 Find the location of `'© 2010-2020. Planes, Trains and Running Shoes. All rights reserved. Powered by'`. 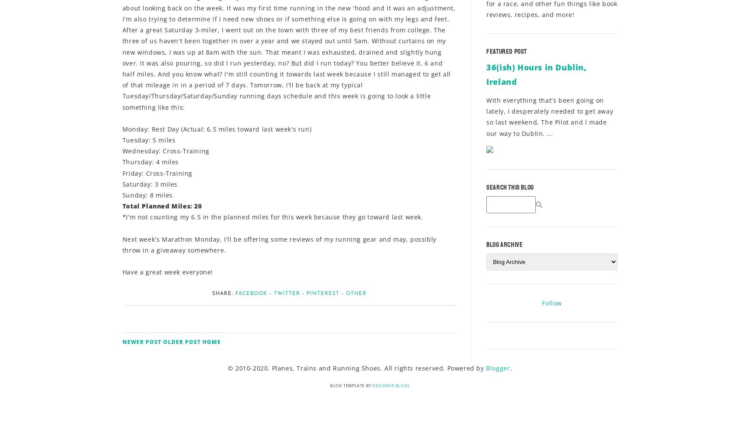

'© 2010-2020. Planes, Trains and Running Shoes. All rights reserved. Powered by' is located at coordinates (356, 368).